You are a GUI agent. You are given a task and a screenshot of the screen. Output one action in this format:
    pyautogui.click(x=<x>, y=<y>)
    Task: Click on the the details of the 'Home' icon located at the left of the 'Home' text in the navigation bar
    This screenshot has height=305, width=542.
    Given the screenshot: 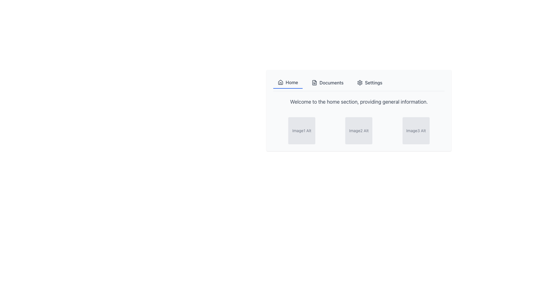 What is the action you would take?
    pyautogui.click(x=280, y=82)
    